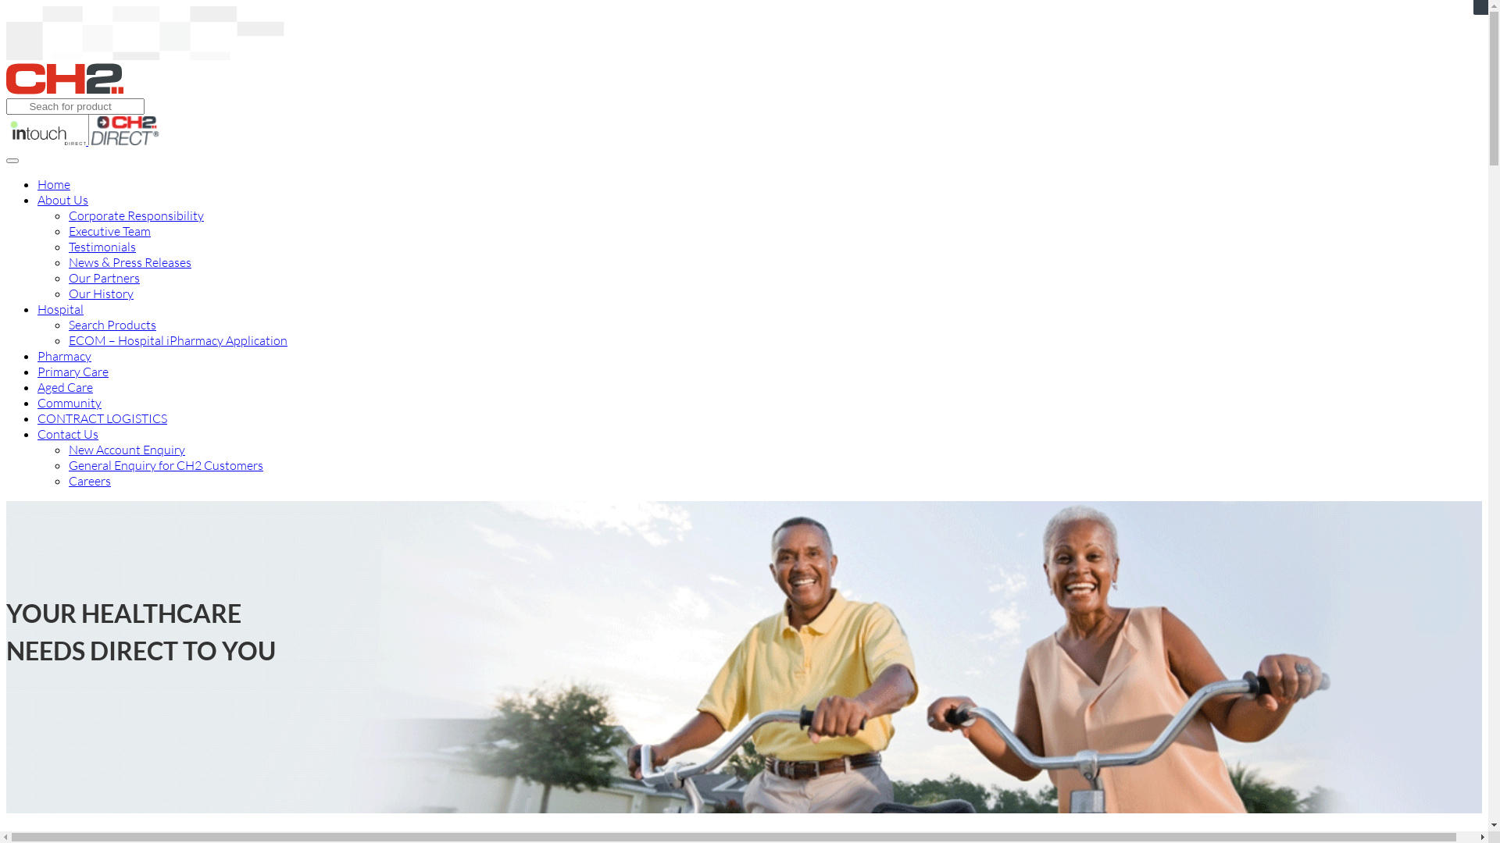  I want to click on 'Pharmacy', so click(63, 355).